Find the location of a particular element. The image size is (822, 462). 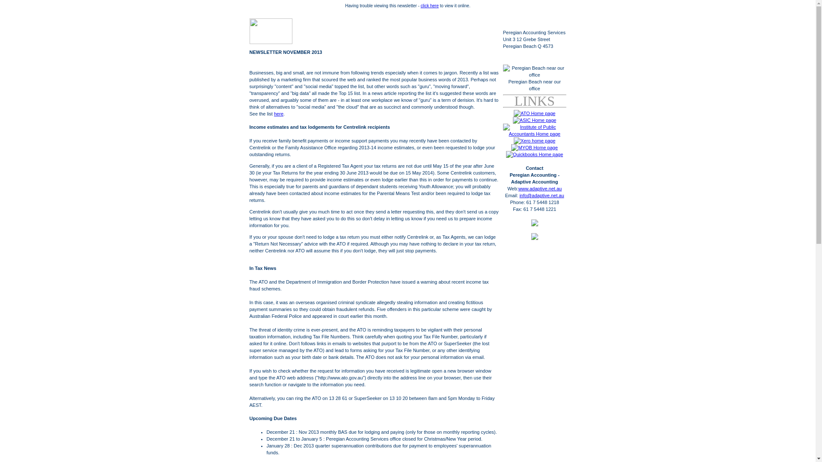

'info@adaptive.net.au' is located at coordinates (519, 195).